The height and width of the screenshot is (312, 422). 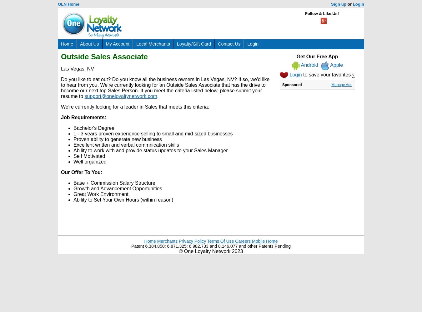 I want to click on 'Mobile Home', so click(x=264, y=241).